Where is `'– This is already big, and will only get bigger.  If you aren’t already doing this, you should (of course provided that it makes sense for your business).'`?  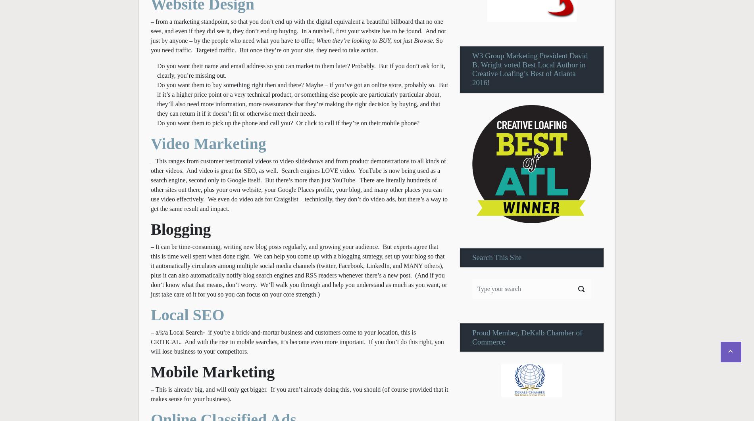
'– This is already big, and will only get bigger.  If you aren’t already doing this, you should (of course provided that it makes sense for your business).' is located at coordinates (299, 393).